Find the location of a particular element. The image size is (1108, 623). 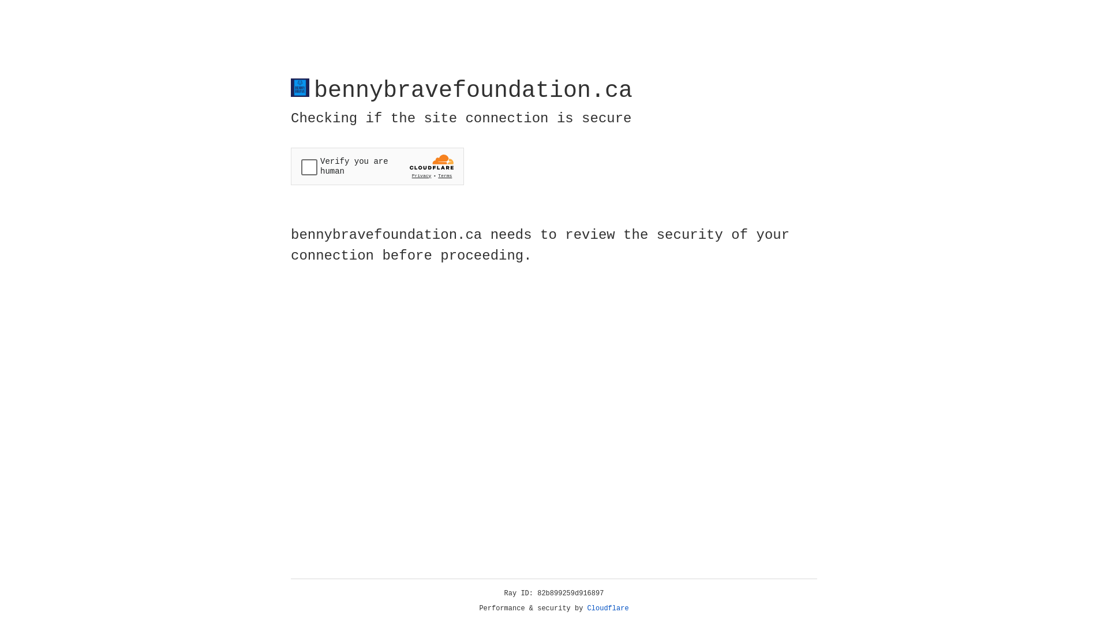

'Widget containing a Cloudflare security challenge' is located at coordinates (377, 166).